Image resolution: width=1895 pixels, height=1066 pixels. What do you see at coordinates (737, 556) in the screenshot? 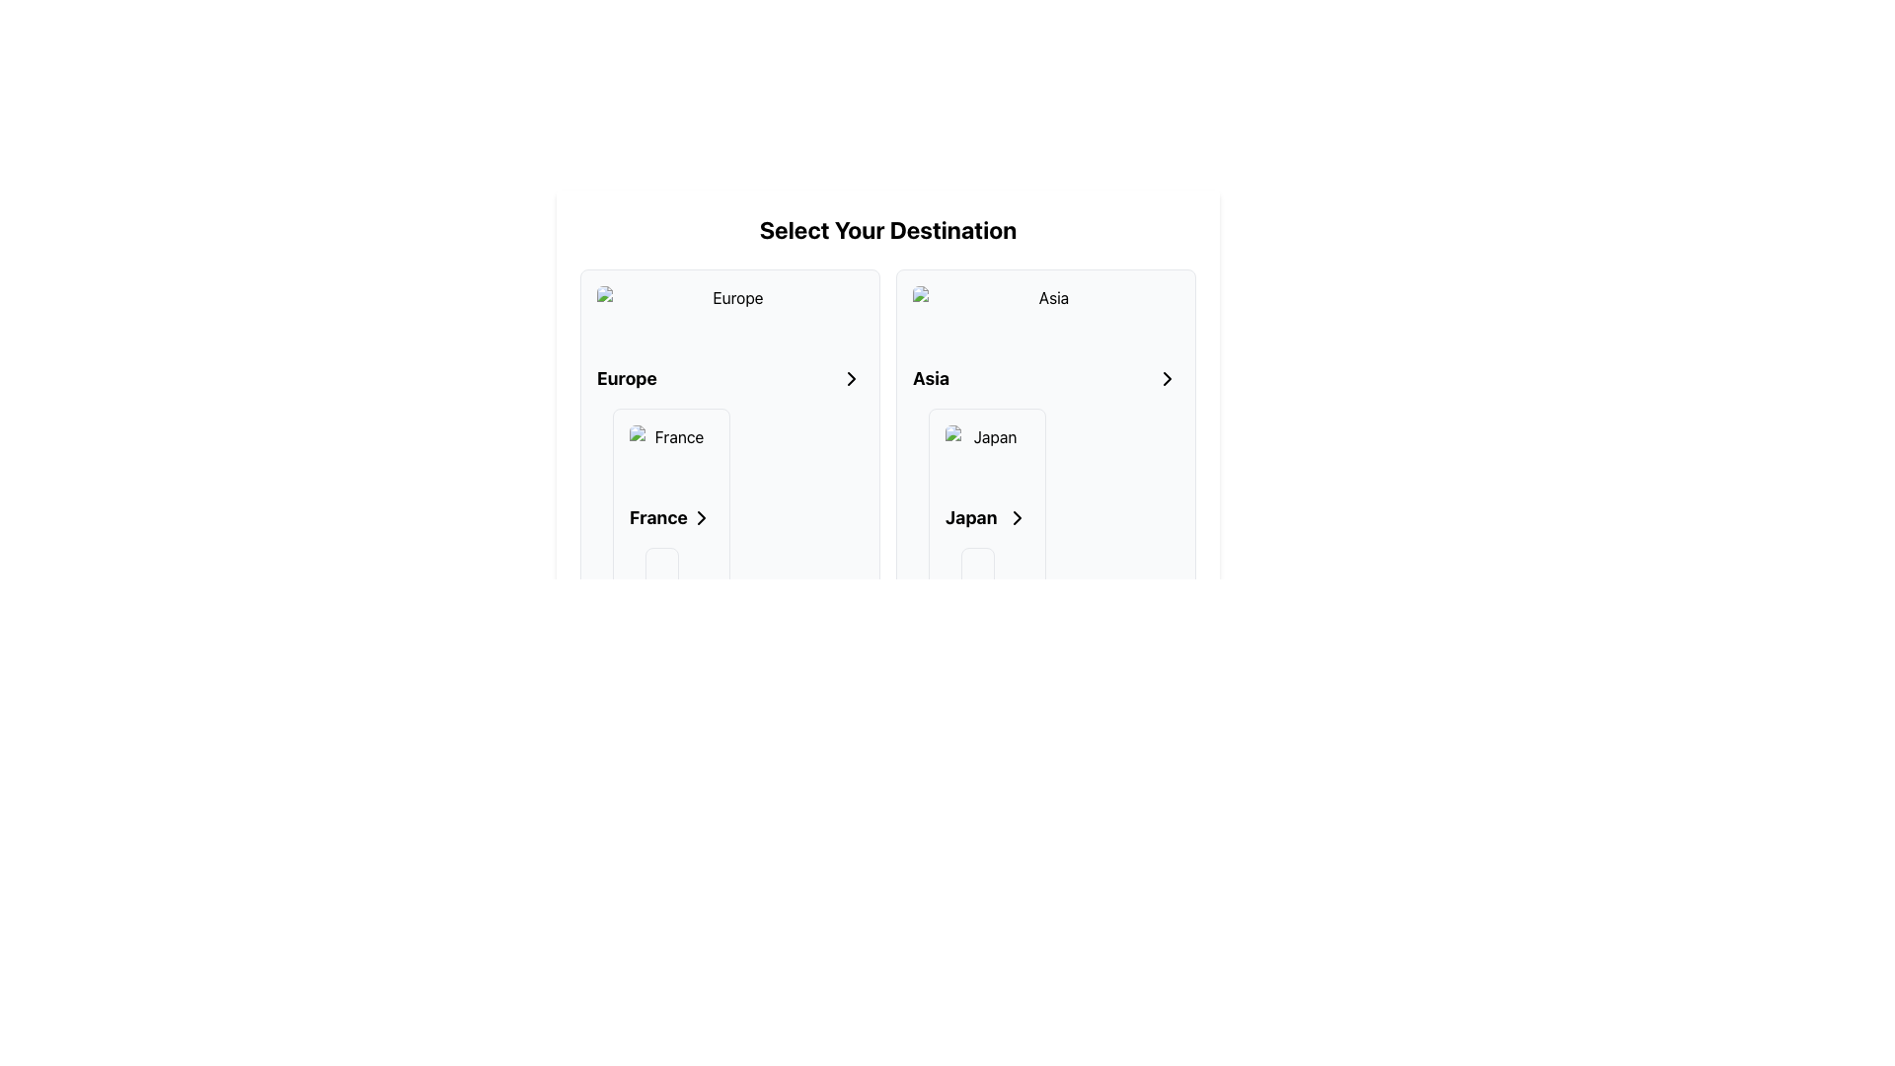
I see `the interactive selection button for 'France' under the 'Europe' category` at bounding box center [737, 556].